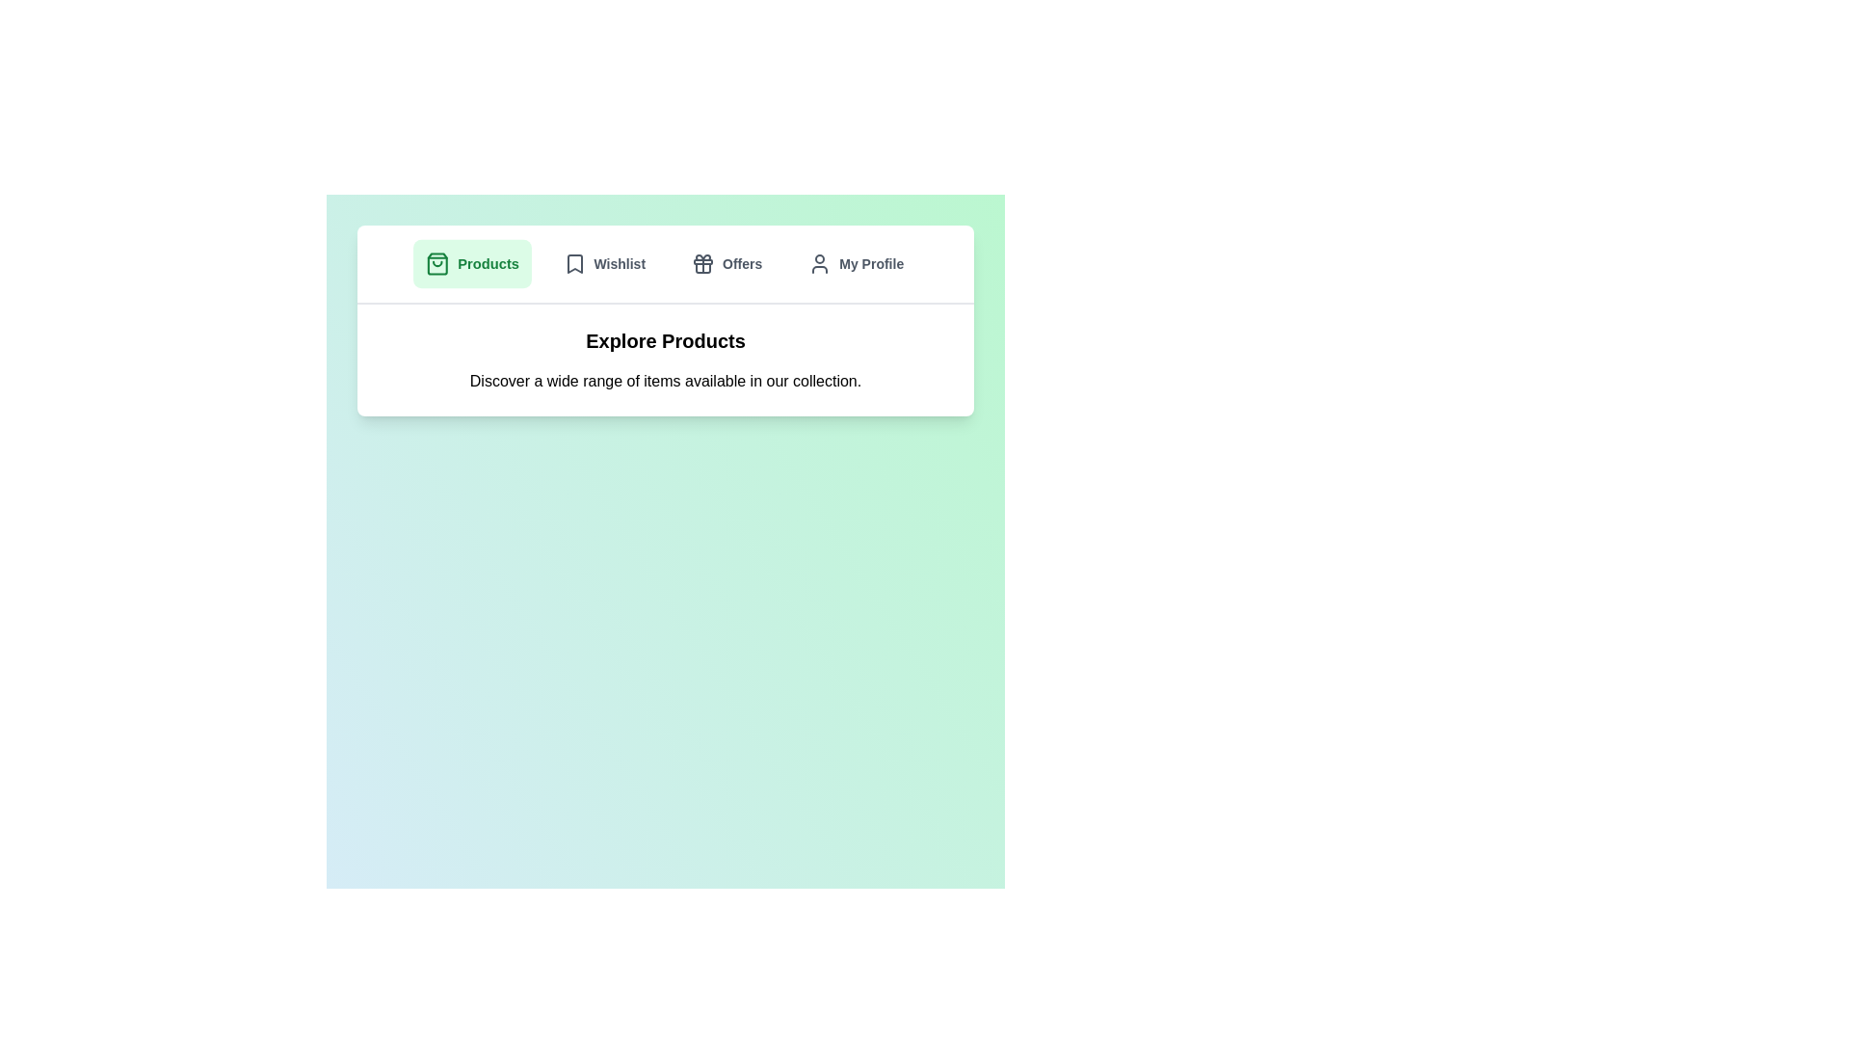 The height and width of the screenshot is (1041, 1850). Describe the element at coordinates (573, 263) in the screenshot. I see `the bookmark-shaped icon in the horizontal navigation bar` at that location.